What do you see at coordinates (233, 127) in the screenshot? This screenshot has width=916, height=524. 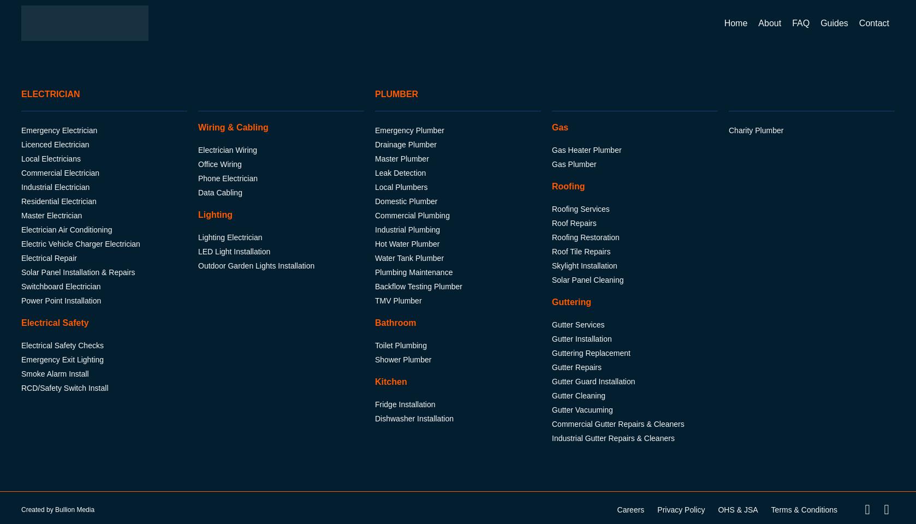 I see `'Wiring & Cabling'` at bounding box center [233, 127].